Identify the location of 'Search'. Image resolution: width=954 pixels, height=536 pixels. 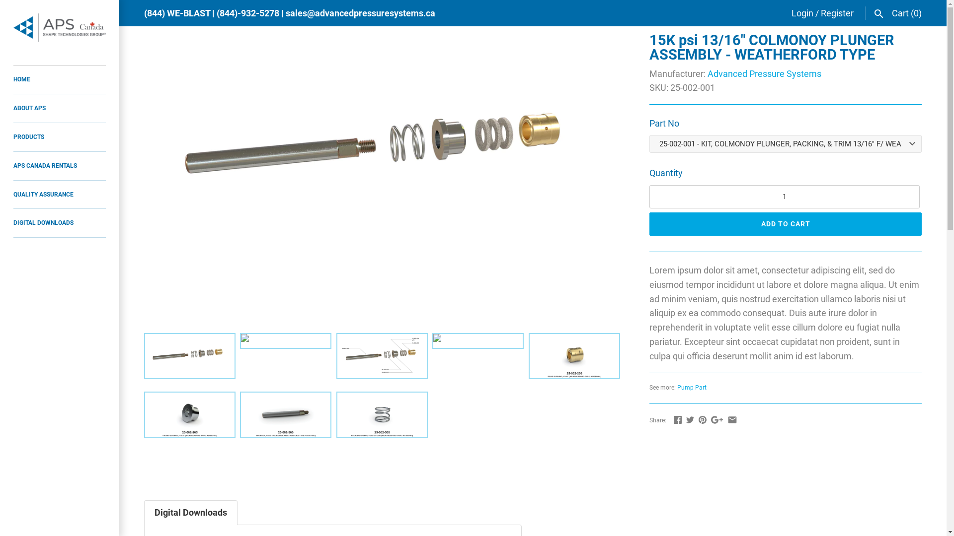
(879, 13).